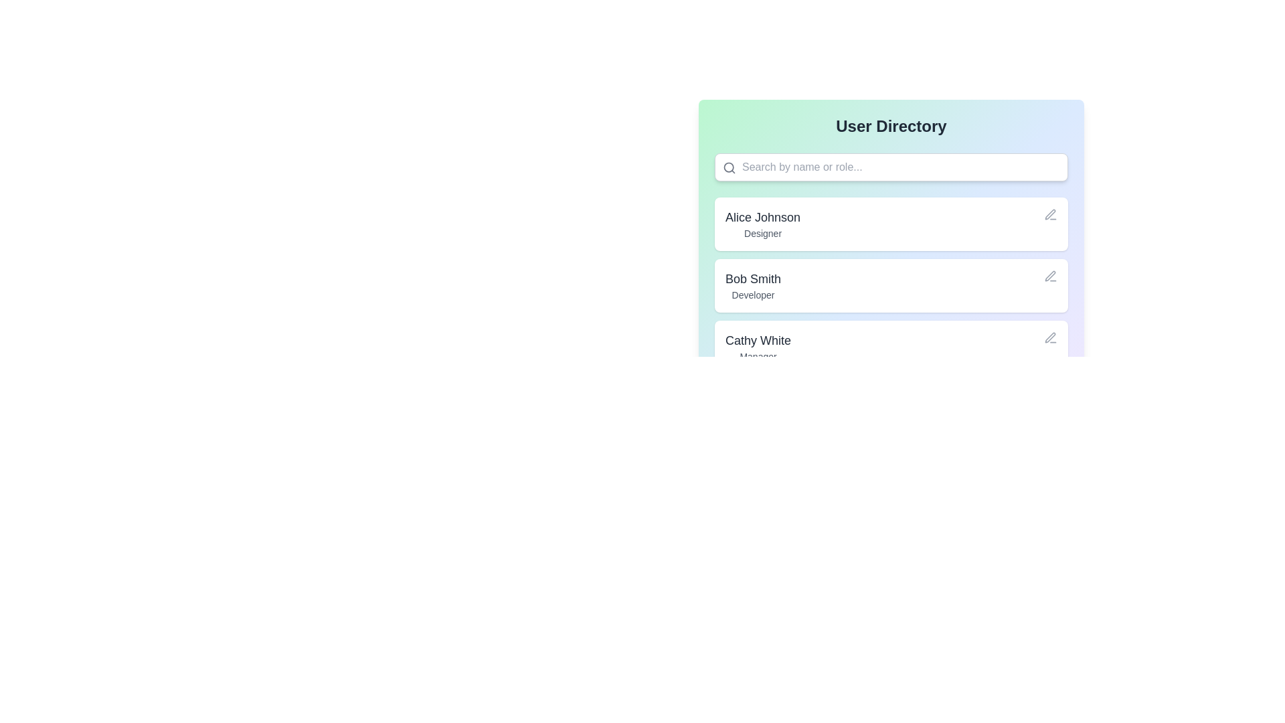  I want to click on the static text label displaying 'Designer', which is styled with a smaller font size and grey color, located below 'Alice Johnson' in the user directory interface, so click(763, 232).